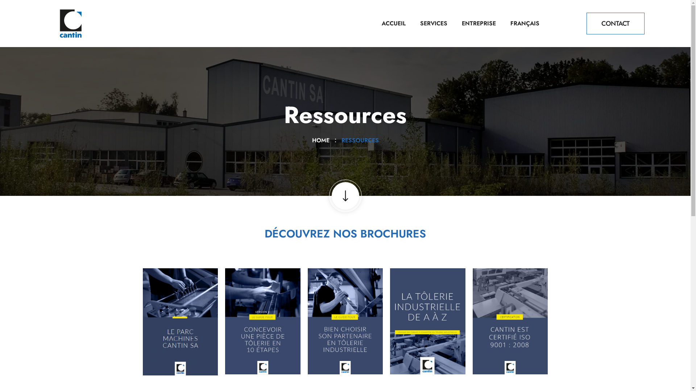 This screenshot has height=391, width=696. Describe the element at coordinates (311, 140) in the screenshot. I see `'HOME  '` at that location.